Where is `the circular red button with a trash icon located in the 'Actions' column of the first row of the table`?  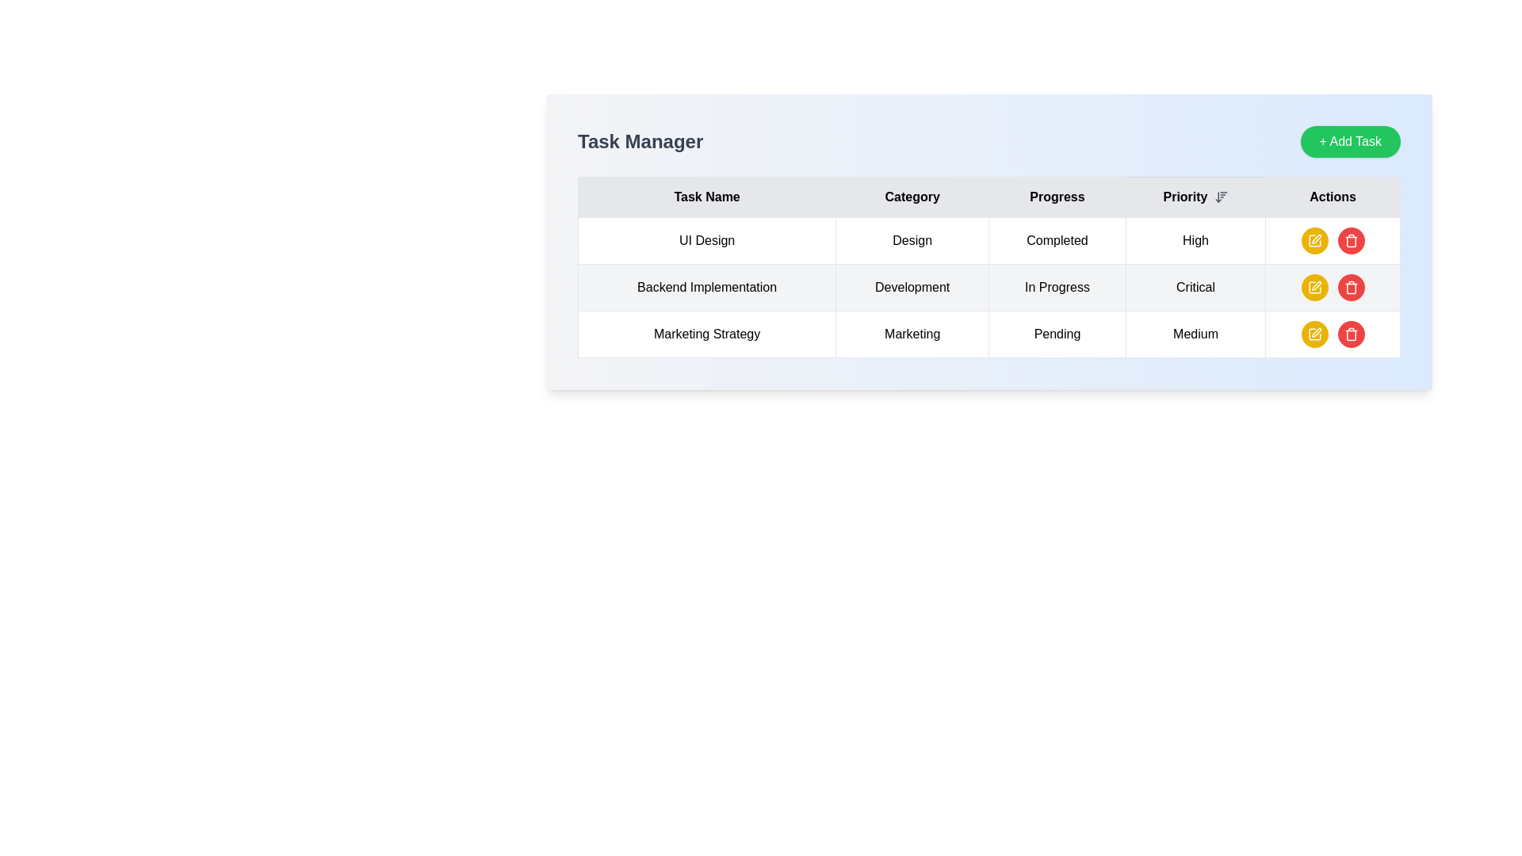
the circular red button with a trash icon located in the 'Actions' column of the first row of the table is located at coordinates (1350, 241).